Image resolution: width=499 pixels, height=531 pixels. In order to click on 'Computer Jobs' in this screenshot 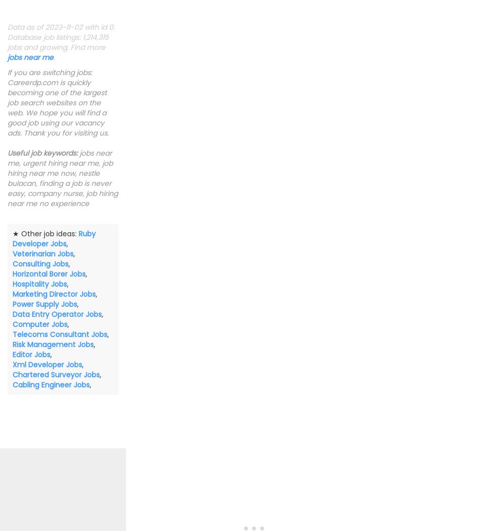, I will do `click(40, 324)`.